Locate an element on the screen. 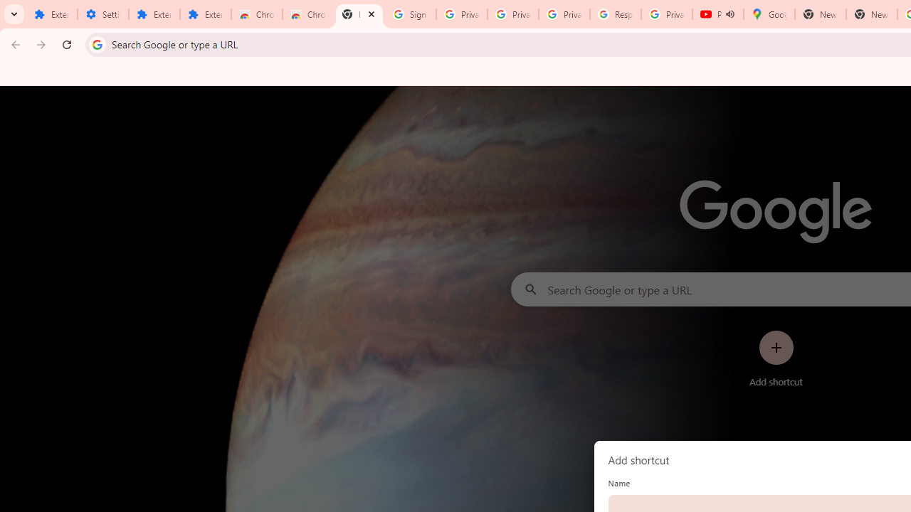  'Google Maps' is located at coordinates (768, 14).